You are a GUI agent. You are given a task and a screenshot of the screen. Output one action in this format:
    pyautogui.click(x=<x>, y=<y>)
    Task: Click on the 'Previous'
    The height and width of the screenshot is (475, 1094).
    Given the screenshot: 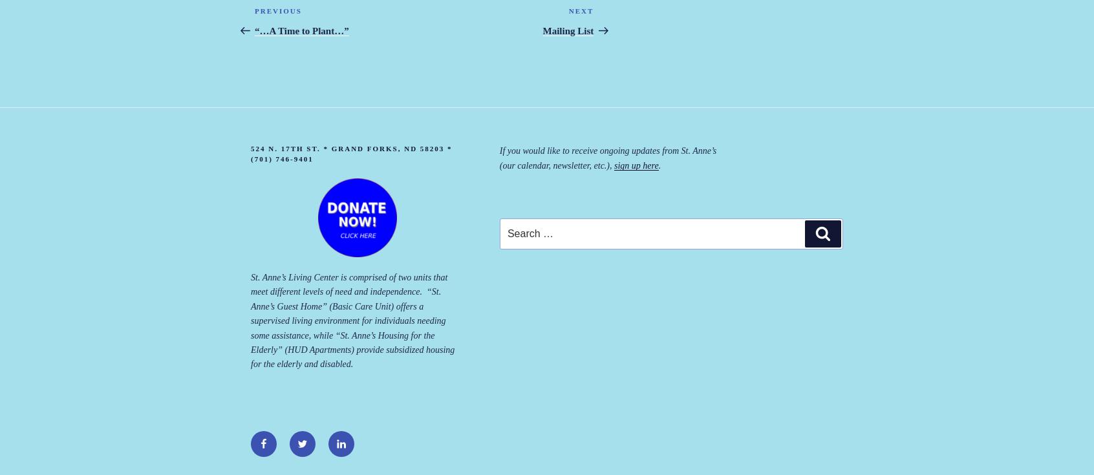 What is the action you would take?
    pyautogui.click(x=277, y=10)
    